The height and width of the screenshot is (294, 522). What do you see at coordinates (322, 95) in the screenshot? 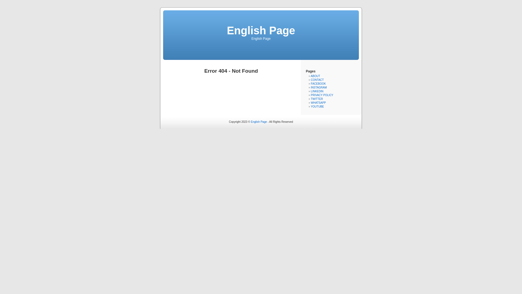
I see `'PRIVACY POLICY'` at bounding box center [322, 95].